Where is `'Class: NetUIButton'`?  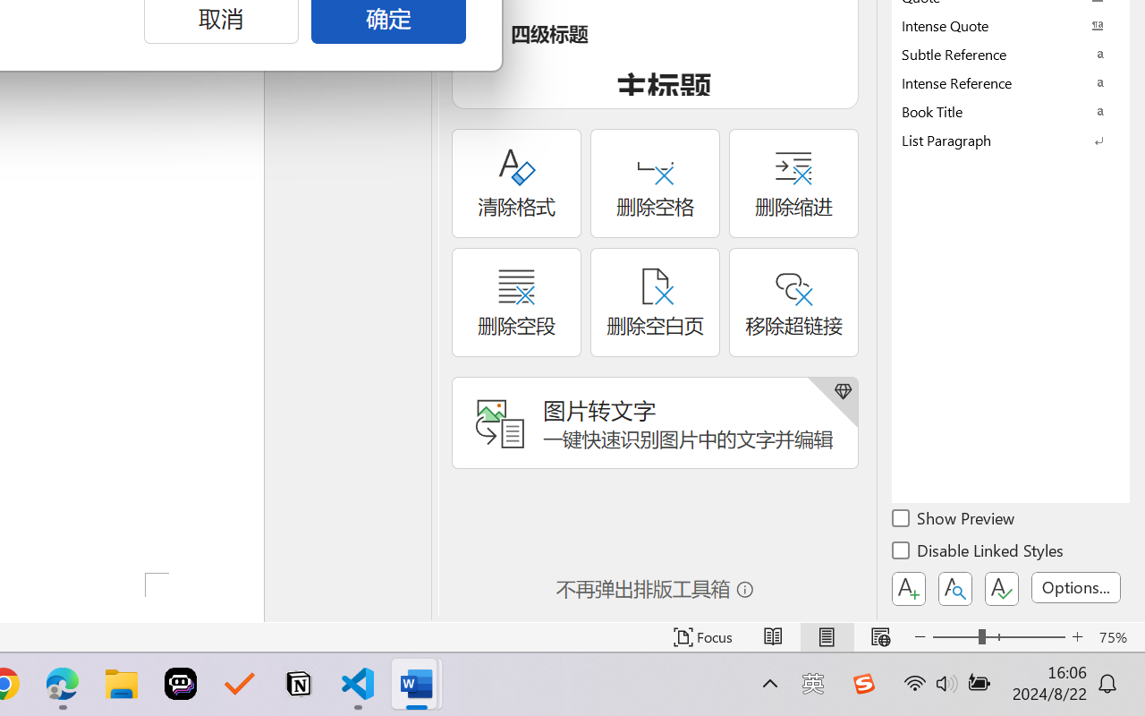
'Class: NetUIButton' is located at coordinates (1002, 588).